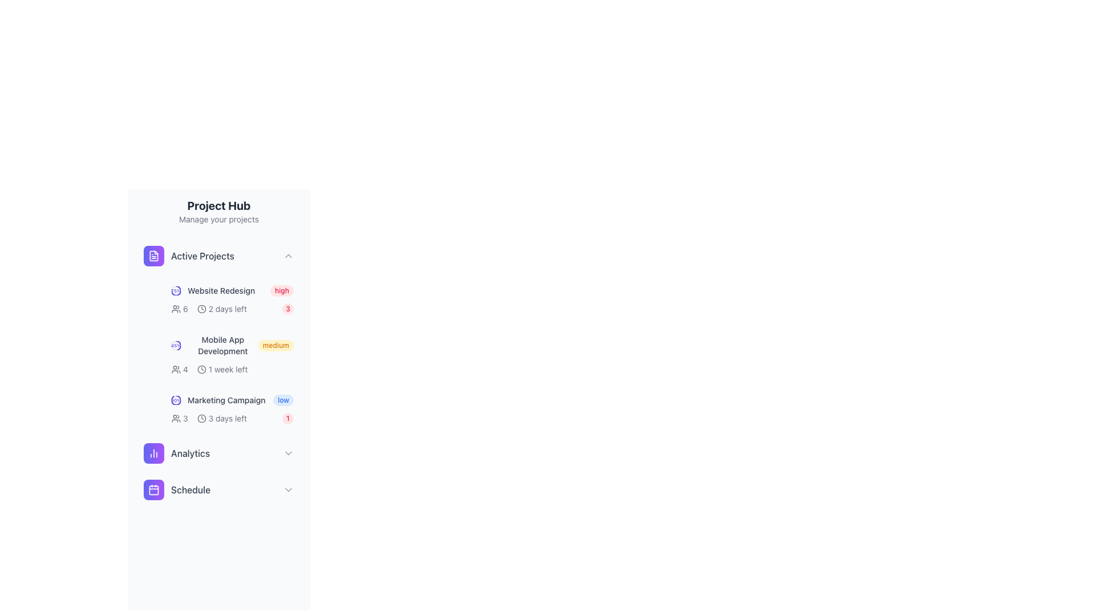  Describe the element at coordinates (228, 370) in the screenshot. I see `the '1 week left' text label in the 'Active Projects' list, which is styled in muted gray and positioned to the right of a clock icon` at that location.